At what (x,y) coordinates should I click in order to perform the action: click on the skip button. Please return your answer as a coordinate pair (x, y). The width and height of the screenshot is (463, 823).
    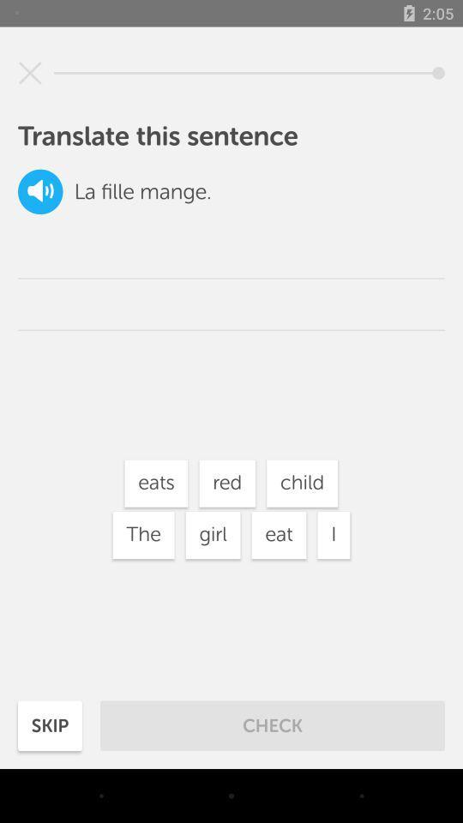
    Looking at the image, I should click on (50, 725).